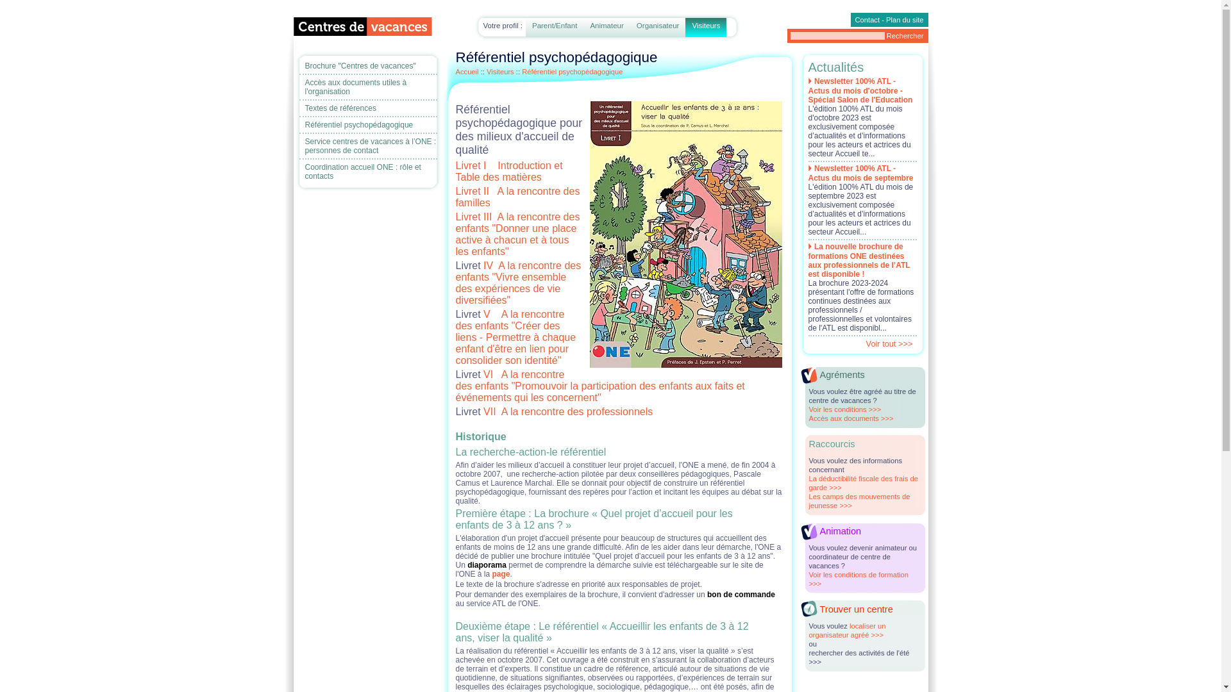 The width and height of the screenshot is (1231, 692). What do you see at coordinates (904, 35) in the screenshot?
I see `'Rechercher'` at bounding box center [904, 35].